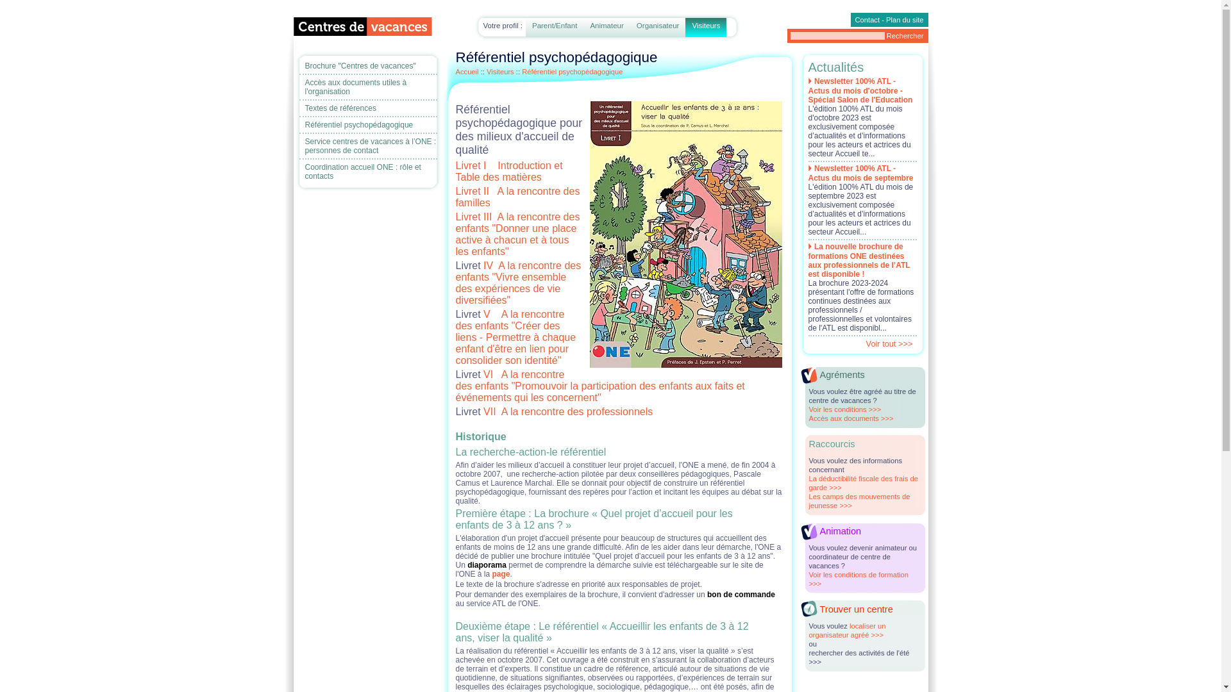 The width and height of the screenshot is (1231, 692). What do you see at coordinates (904, 35) in the screenshot?
I see `'Rechercher'` at bounding box center [904, 35].